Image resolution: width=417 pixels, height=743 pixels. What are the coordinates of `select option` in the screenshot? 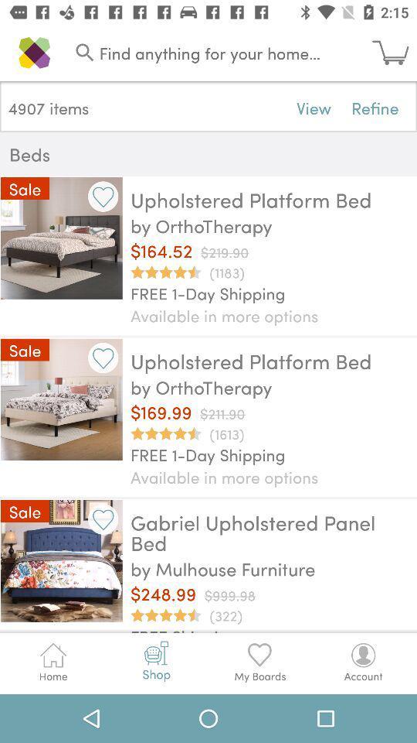 It's located at (103, 519).